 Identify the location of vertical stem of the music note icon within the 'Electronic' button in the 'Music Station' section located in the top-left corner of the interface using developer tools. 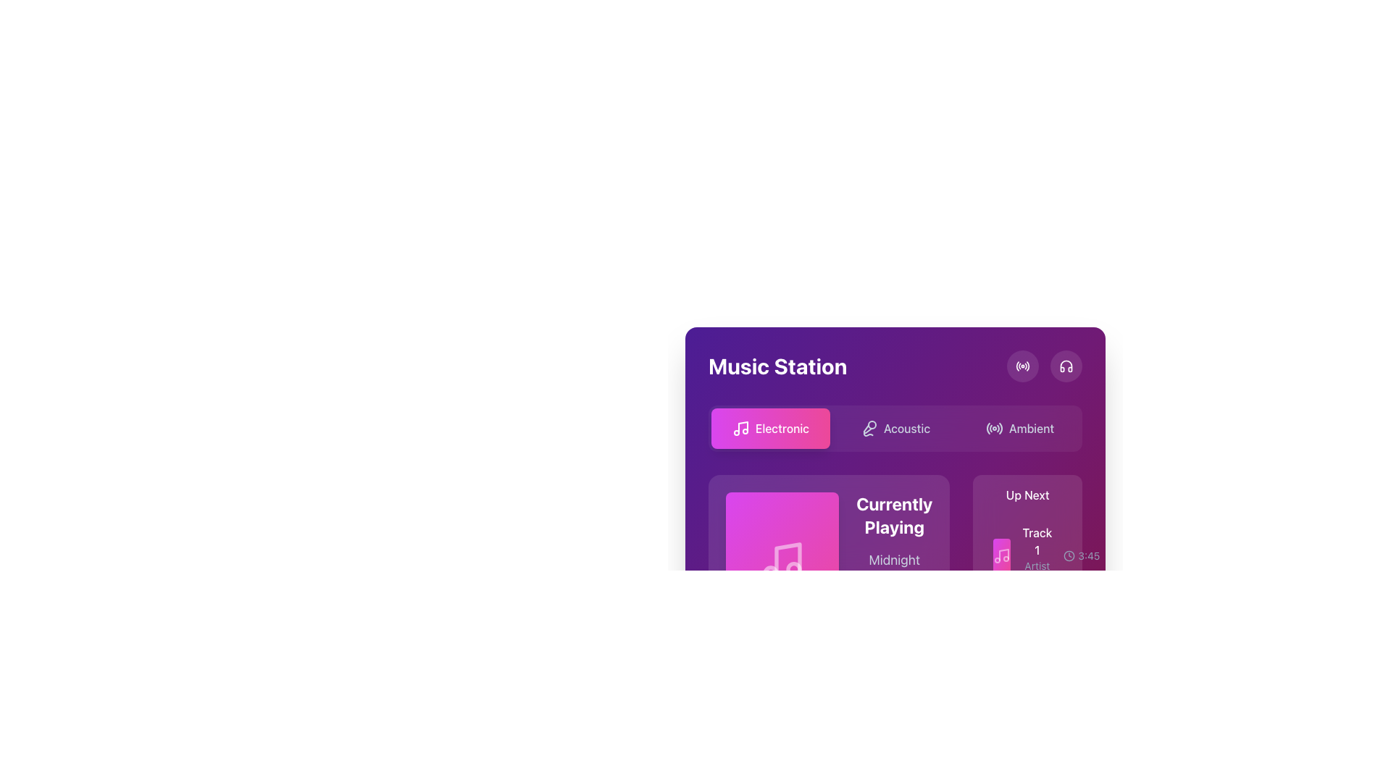
(743, 426).